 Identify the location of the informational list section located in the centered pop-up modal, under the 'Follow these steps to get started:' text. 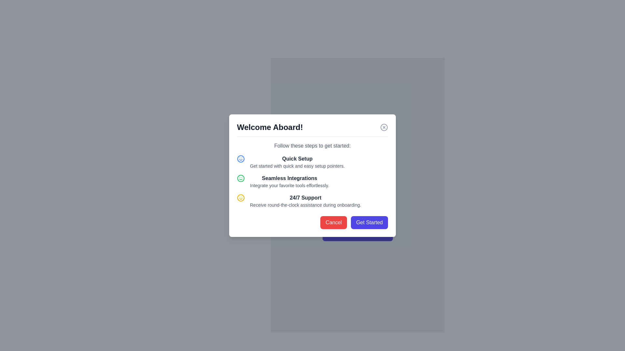
(312, 181).